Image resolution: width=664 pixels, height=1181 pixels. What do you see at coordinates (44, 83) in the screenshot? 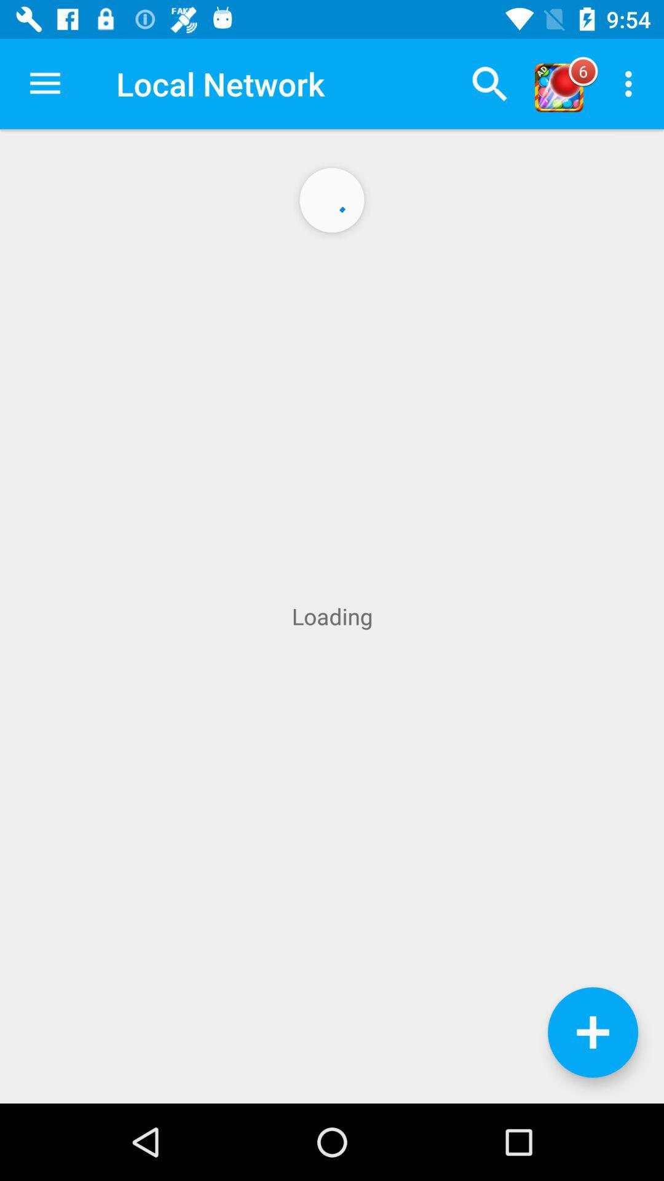
I see `the app to the left of the local network` at bounding box center [44, 83].